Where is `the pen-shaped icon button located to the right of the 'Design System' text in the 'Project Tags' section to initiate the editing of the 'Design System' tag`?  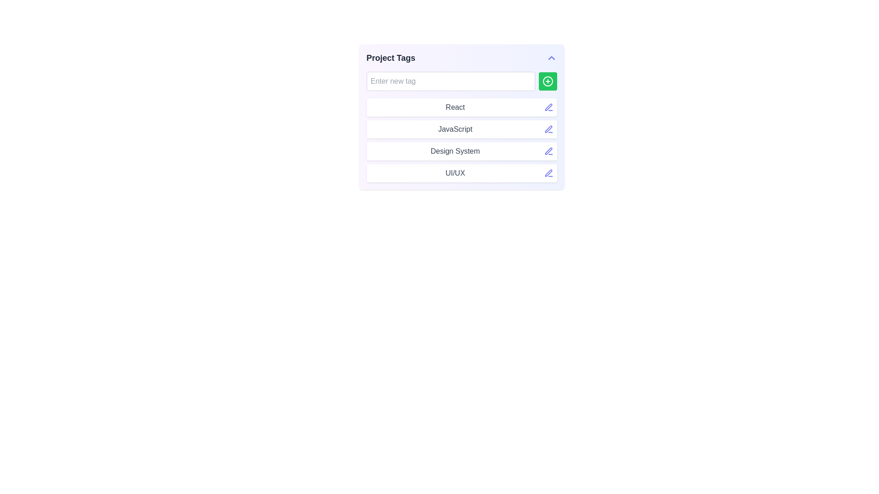
the pen-shaped icon button located to the right of the 'Design System' text in the 'Project Tags' section to initiate the editing of the 'Design System' tag is located at coordinates (548, 151).